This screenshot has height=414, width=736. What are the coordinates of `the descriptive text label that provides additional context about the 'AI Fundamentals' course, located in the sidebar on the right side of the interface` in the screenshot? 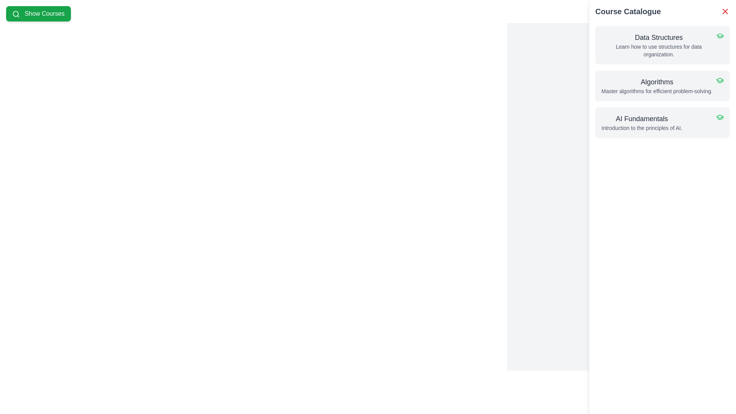 It's located at (642, 128).